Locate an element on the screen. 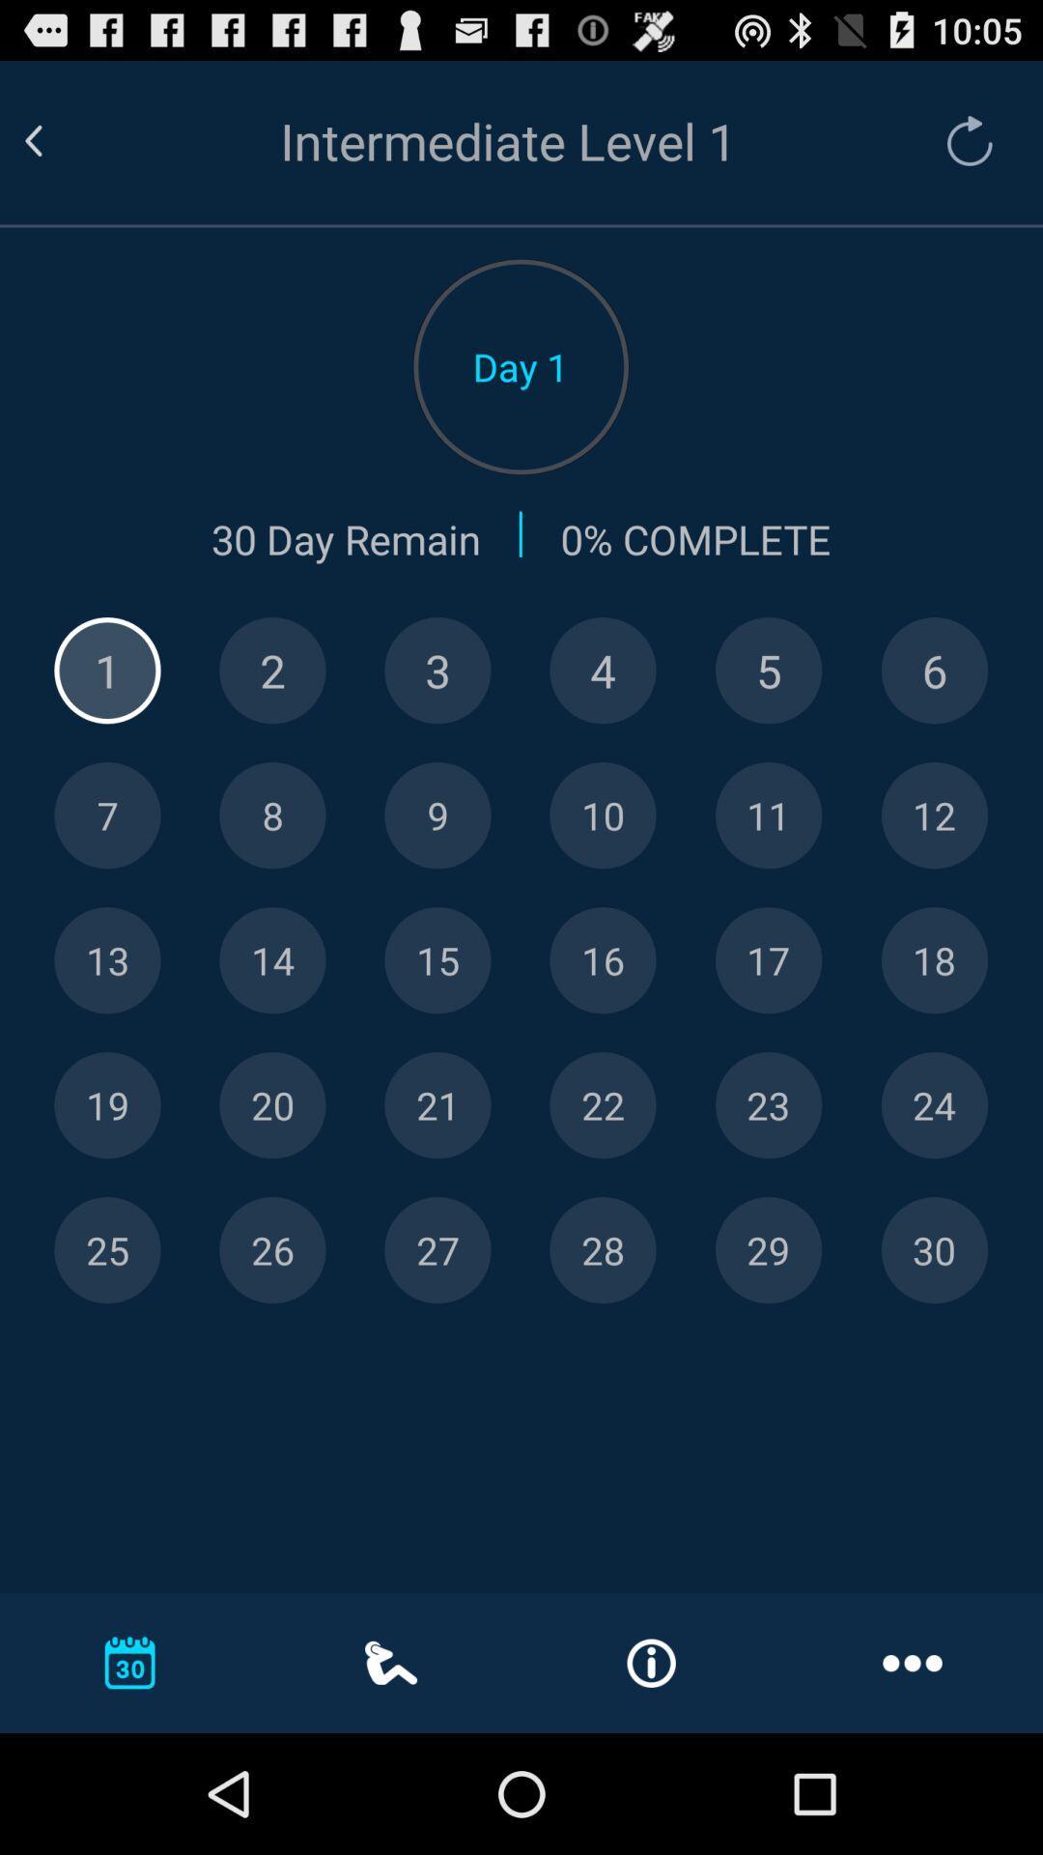  26 days remaining is located at coordinates (272, 1250).